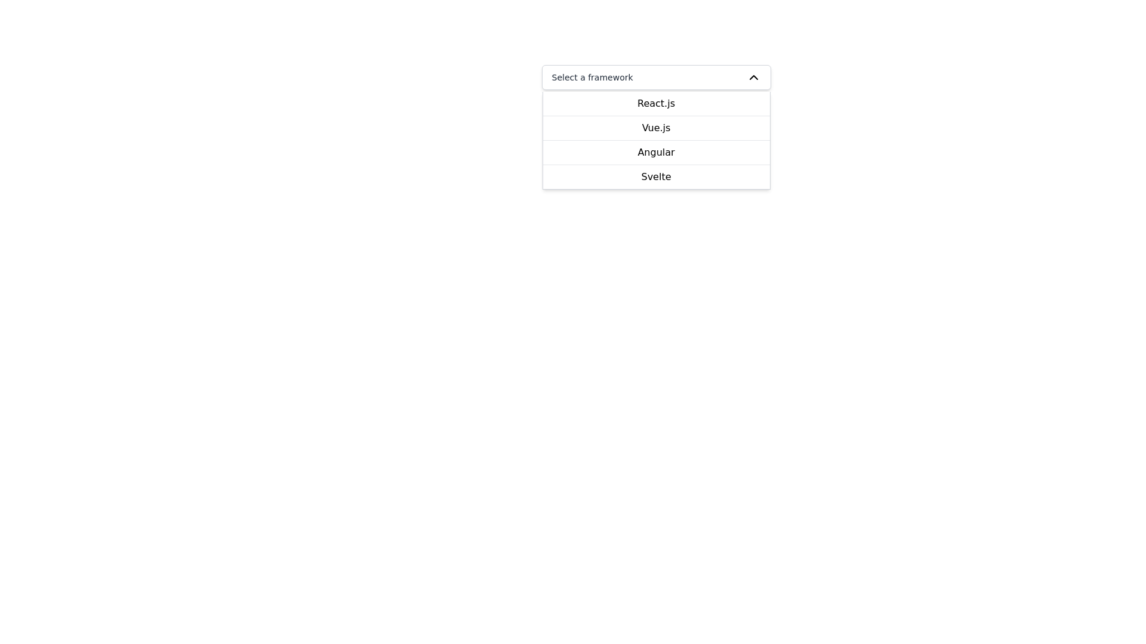 This screenshot has height=644, width=1146. What do you see at coordinates (655, 91) in the screenshot?
I see `the 'React.js' option in the dropdown list located below the 'Select a framework' label` at bounding box center [655, 91].